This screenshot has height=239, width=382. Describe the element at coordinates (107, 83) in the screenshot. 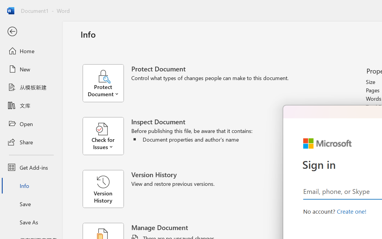

I see `'Protect Document'` at that location.